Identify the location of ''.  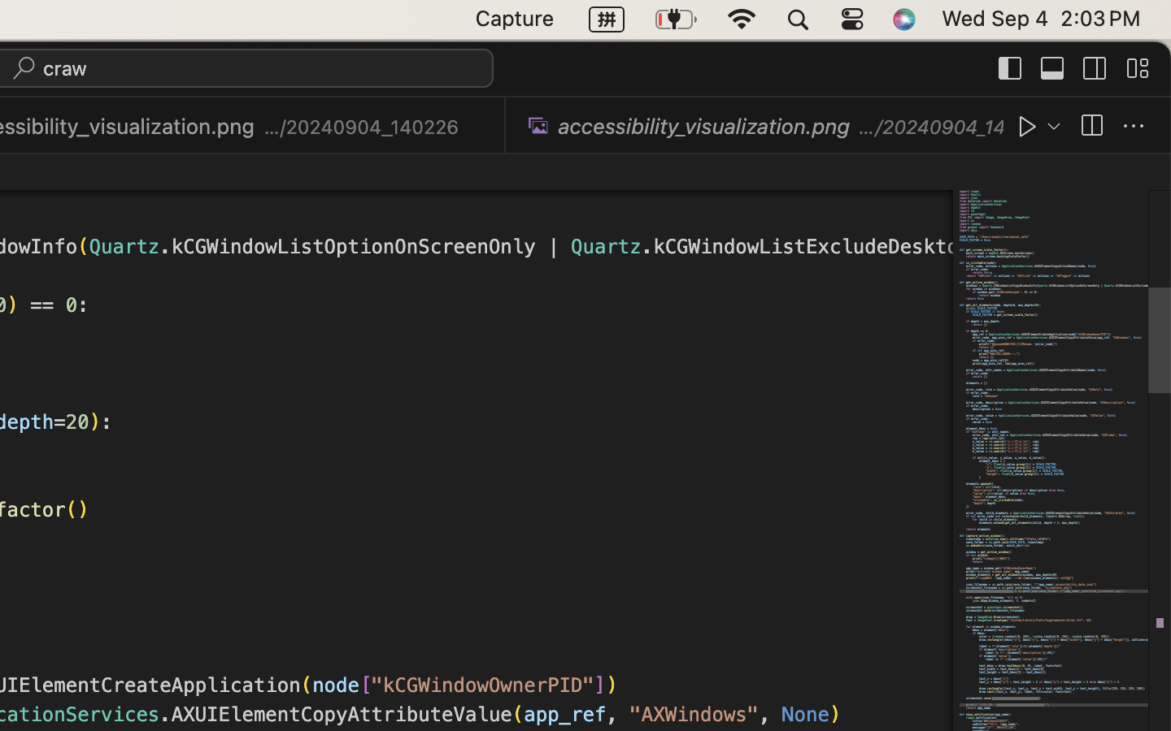
(1052, 67).